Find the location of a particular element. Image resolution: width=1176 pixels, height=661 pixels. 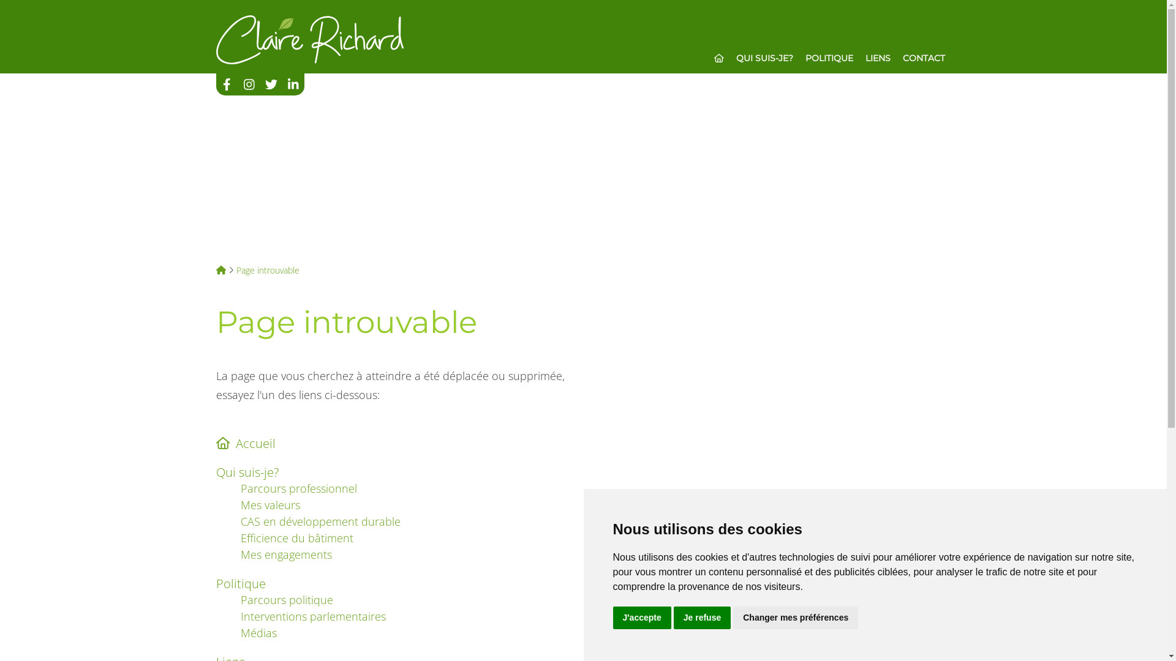

'Nous suivre sur Twitter' is located at coordinates (269, 84).